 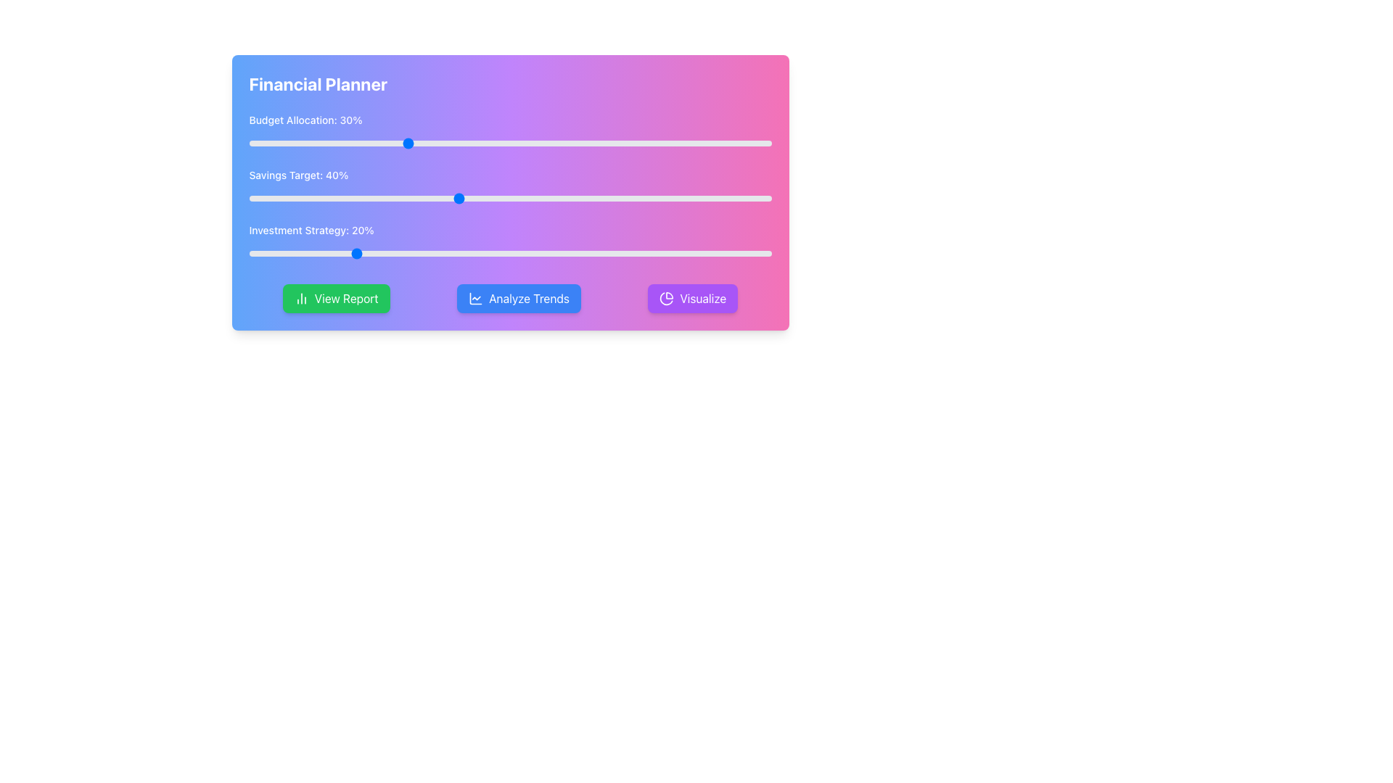 What do you see at coordinates (431, 198) in the screenshot?
I see `the savings target percentage` at bounding box center [431, 198].